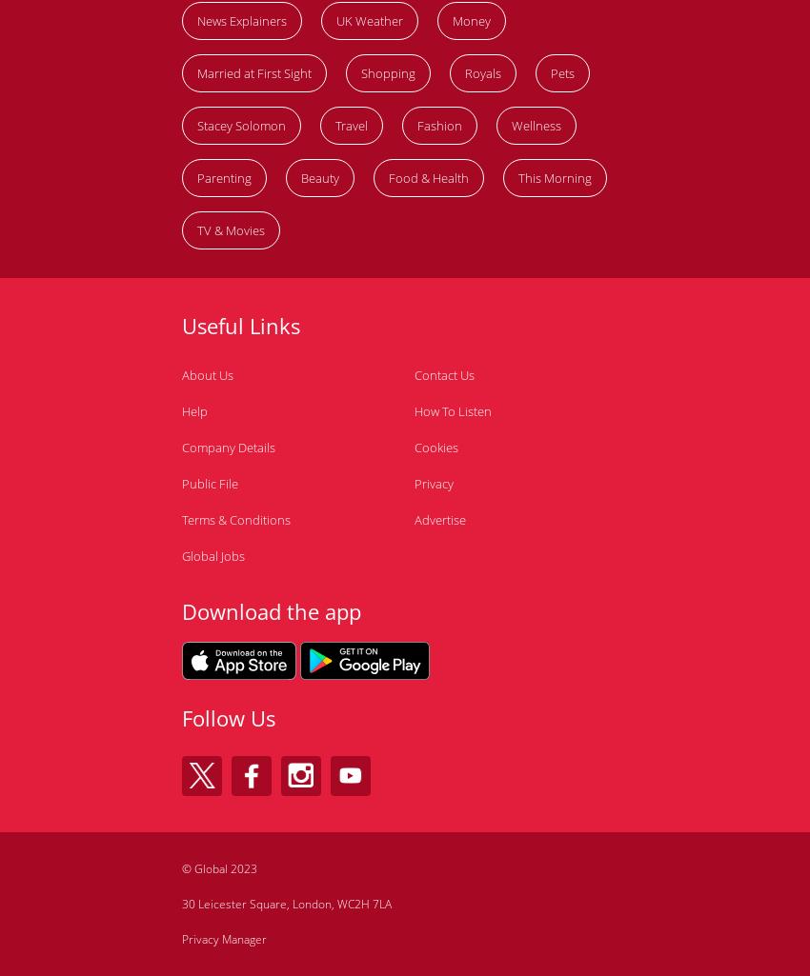  What do you see at coordinates (483, 70) in the screenshot?
I see `'Royals'` at bounding box center [483, 70].